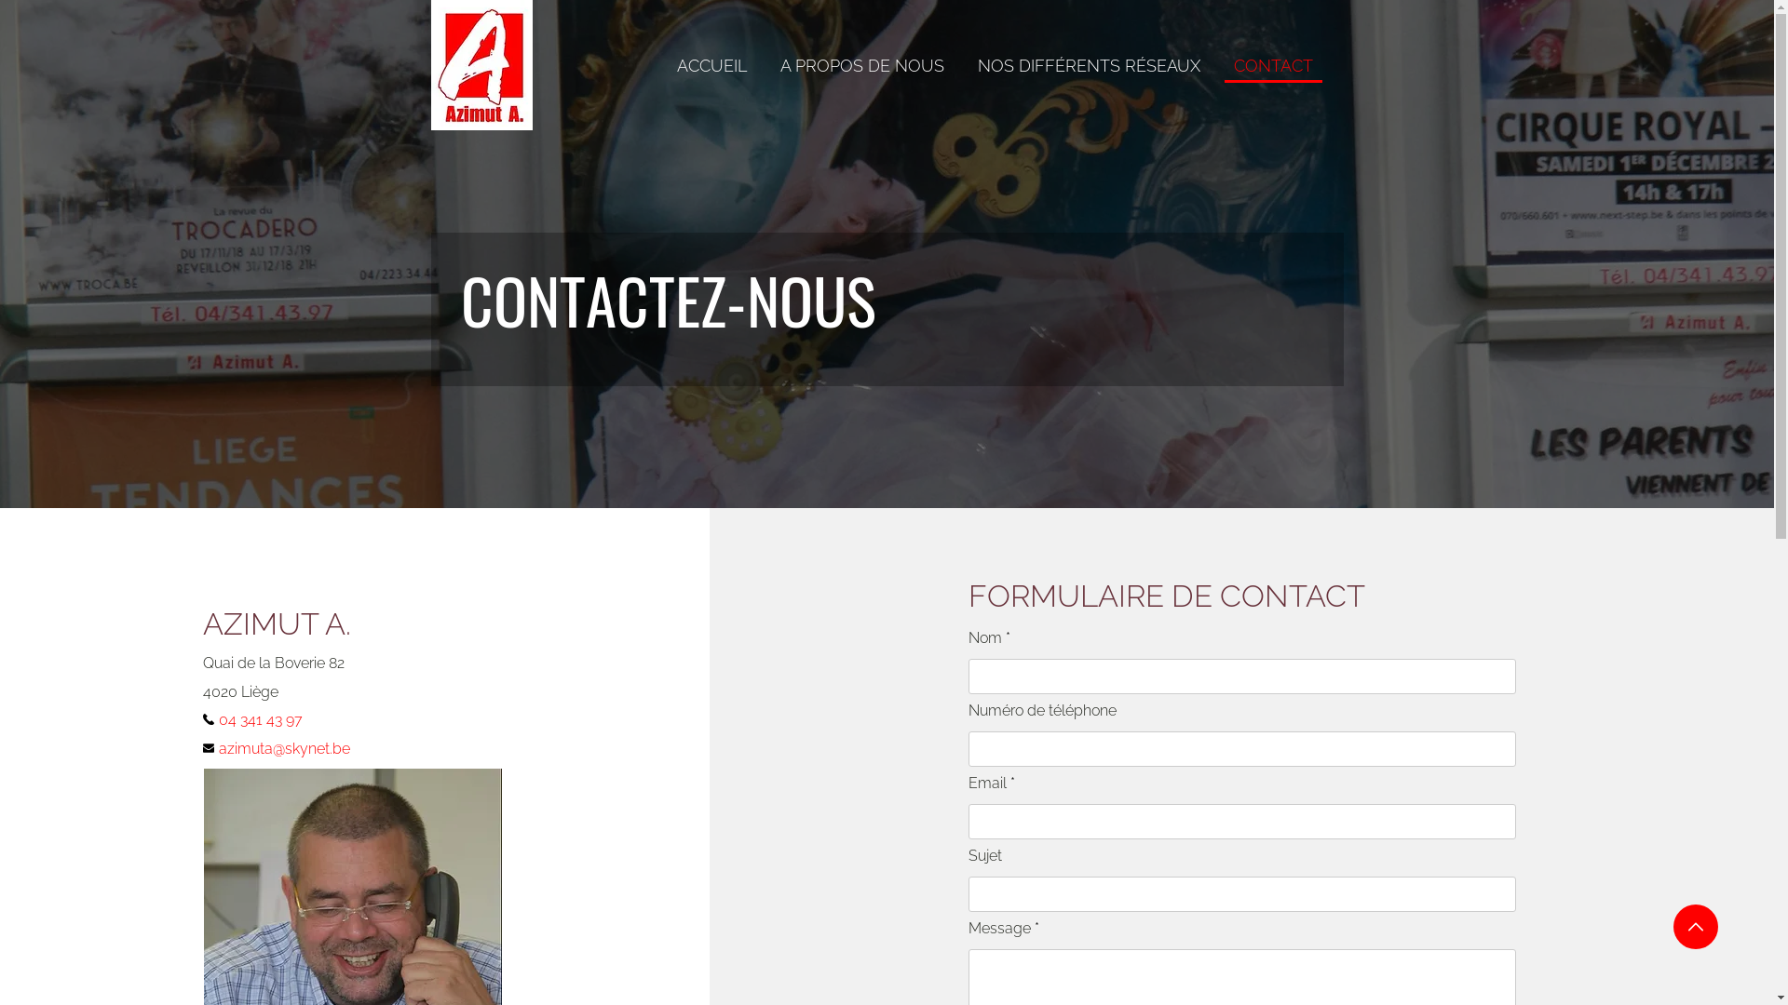 The image size is (1788, 1005). I want to click on 'CONTACT', so click(1224, 66).